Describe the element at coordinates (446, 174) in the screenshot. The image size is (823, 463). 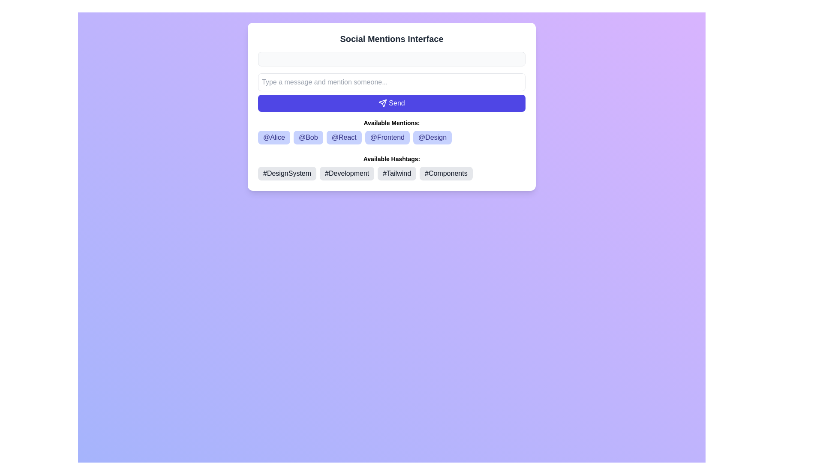
I see `the tag-like UI component displaying '#Components' to trigger its hover effect` at that location.